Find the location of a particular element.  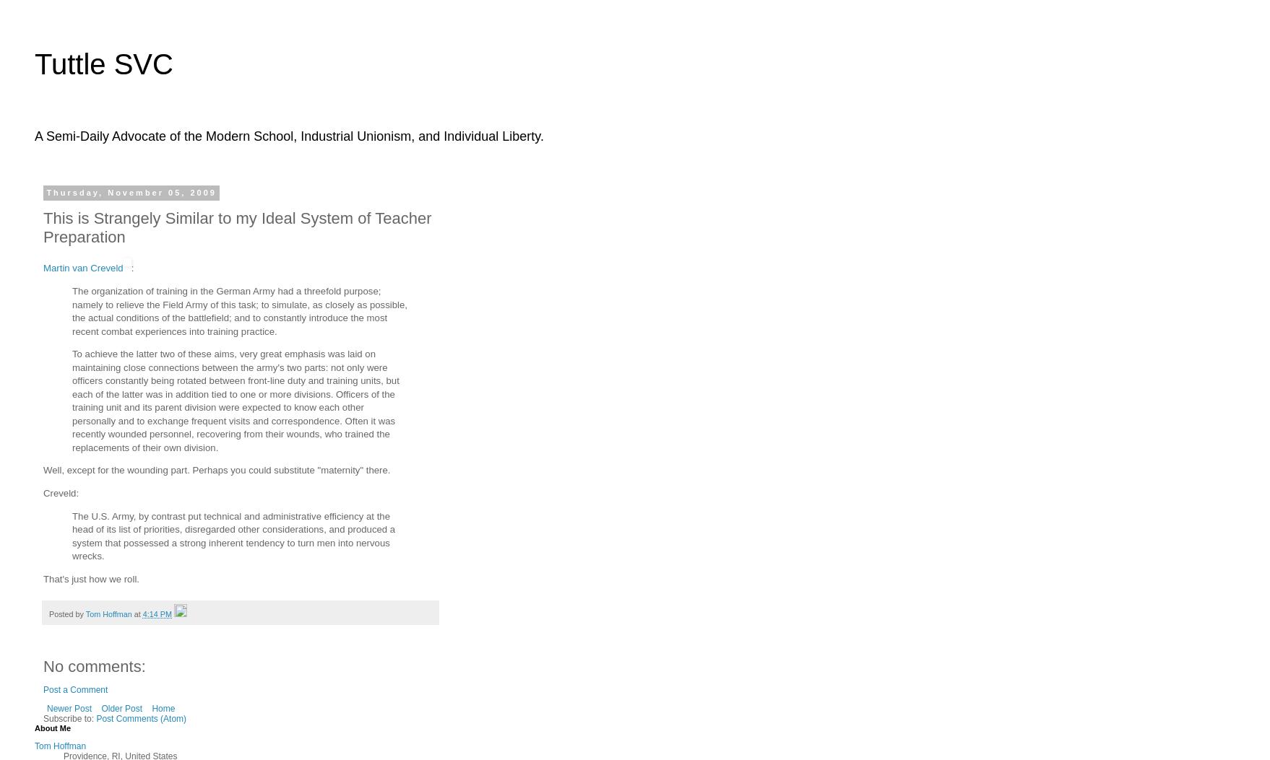

'That's just how we roll.' is located at coordinates (91, 578).